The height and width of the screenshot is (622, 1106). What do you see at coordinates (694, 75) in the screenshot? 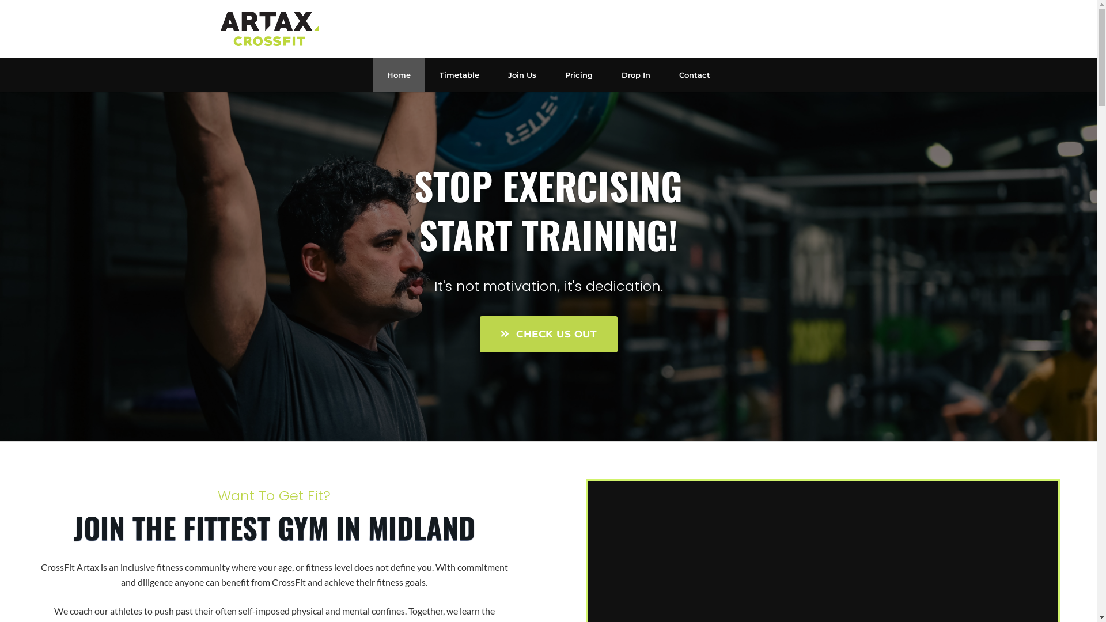
I see `'Contact'` at bounding box center [694, 75].